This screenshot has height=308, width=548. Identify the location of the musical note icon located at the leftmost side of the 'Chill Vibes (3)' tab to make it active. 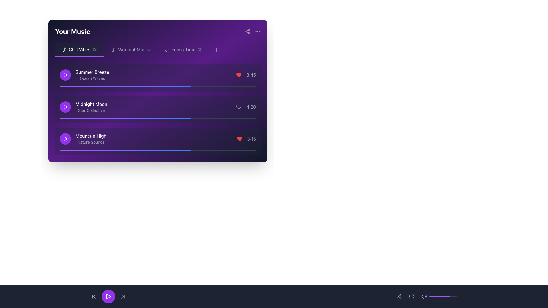
(64, 49).